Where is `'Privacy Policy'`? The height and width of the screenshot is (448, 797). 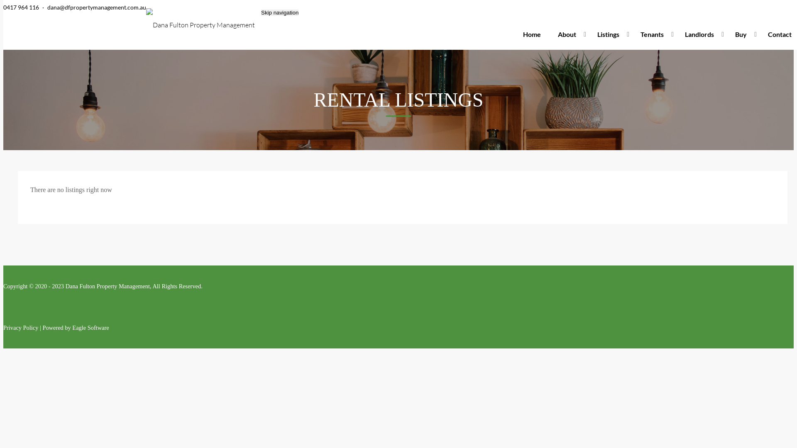
'Privacy Policy' is located at coordinates (20, 327).